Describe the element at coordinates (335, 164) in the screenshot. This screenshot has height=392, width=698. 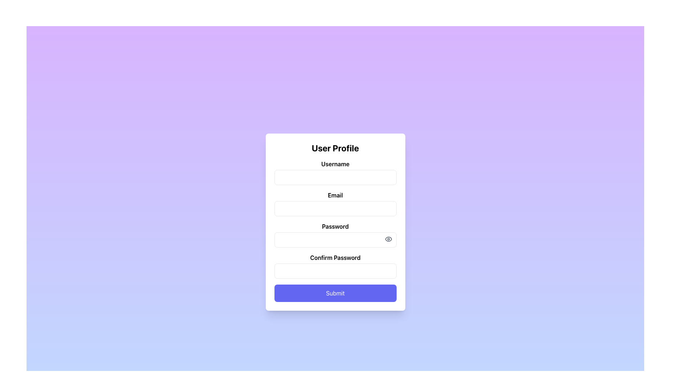
I see `the 'Username' text label, which is styled in bold font, positioned above the username input field in the 'User Profile' form` at that location.